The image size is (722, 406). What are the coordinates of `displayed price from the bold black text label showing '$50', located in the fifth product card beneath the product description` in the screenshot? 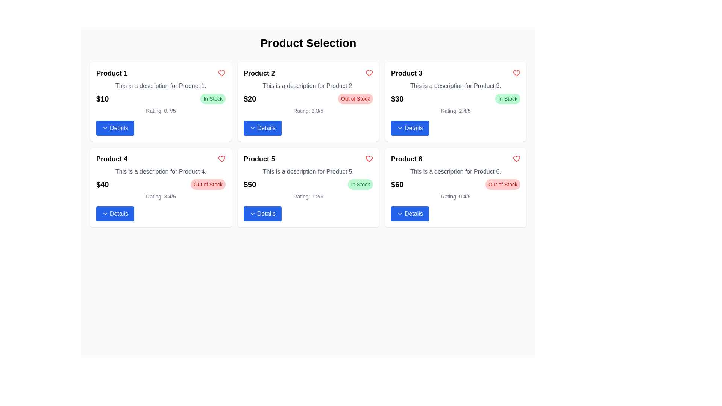 It's located at (250, 184).